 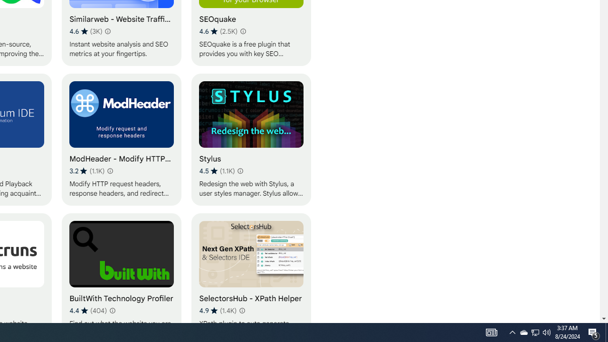 What do you see at coordinates (216, 171) in the screenshot?
I see `'Average rating 4.5 out of 5 stars. 1.1K ratings.'` at bounding box center [216, 171].